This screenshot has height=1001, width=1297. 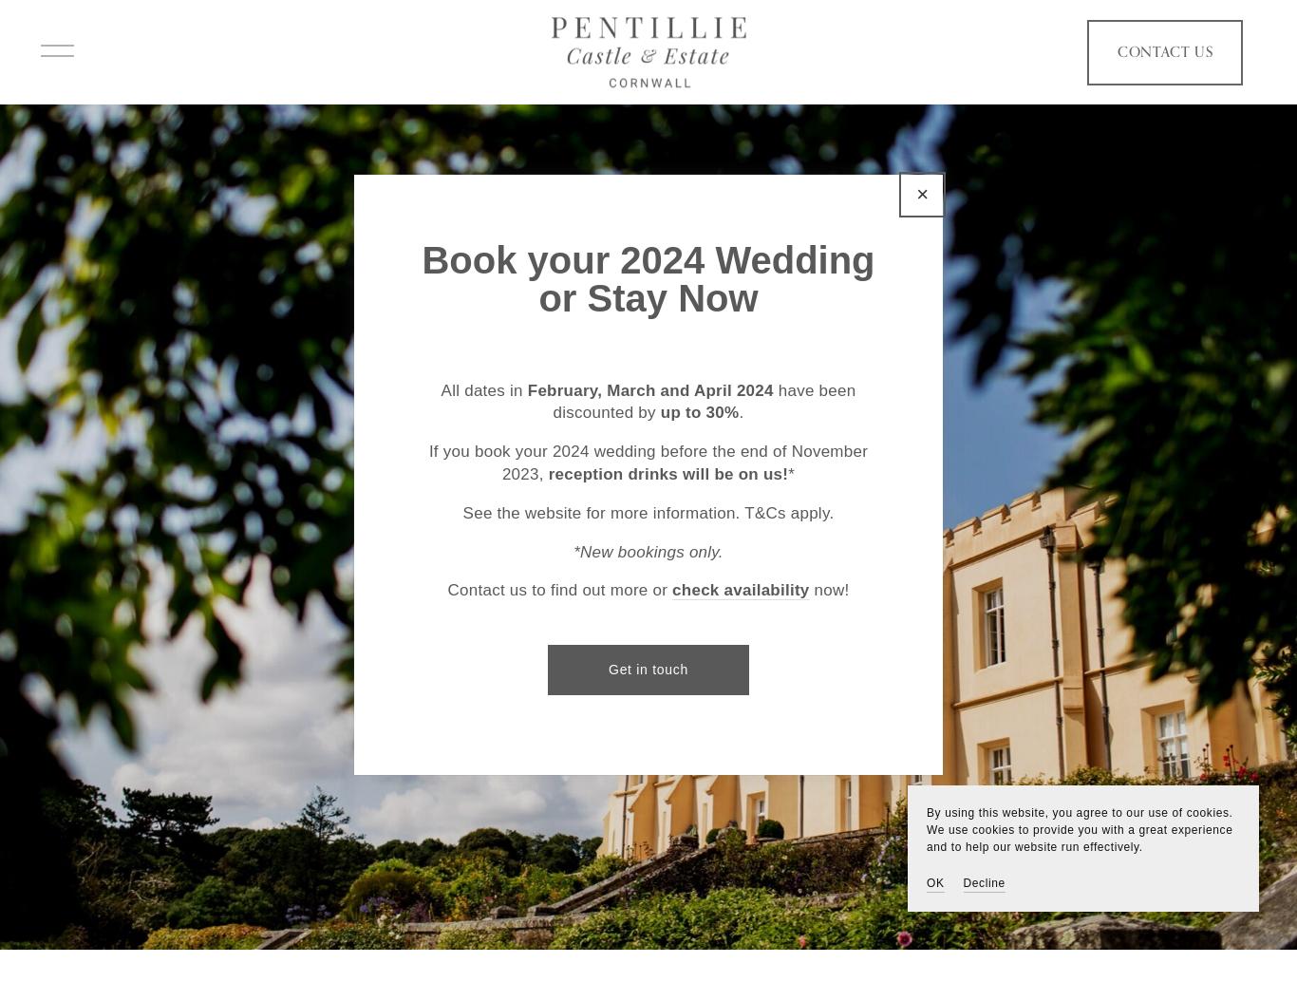 I want to click on 'Recipes', so click(x=193, y=538).